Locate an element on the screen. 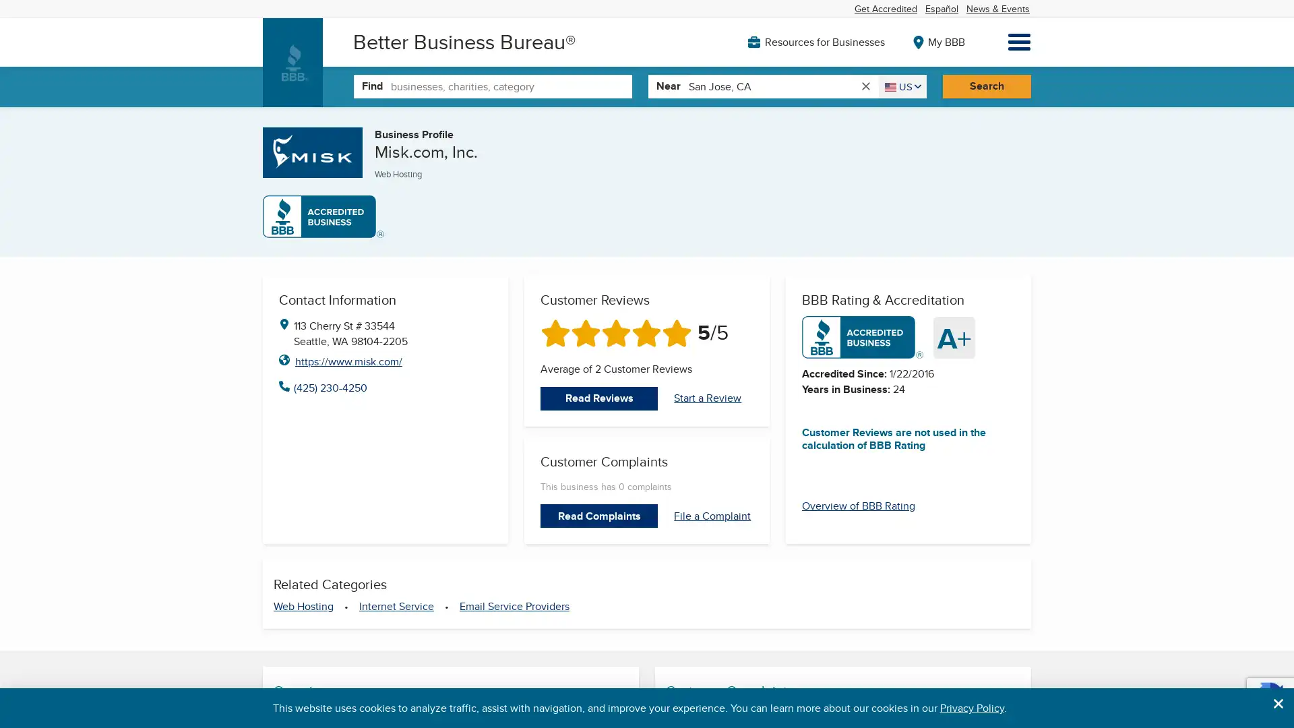 The height and width of the screenshot is (728, 1294). My BBB is located at coordinates (934, 40).